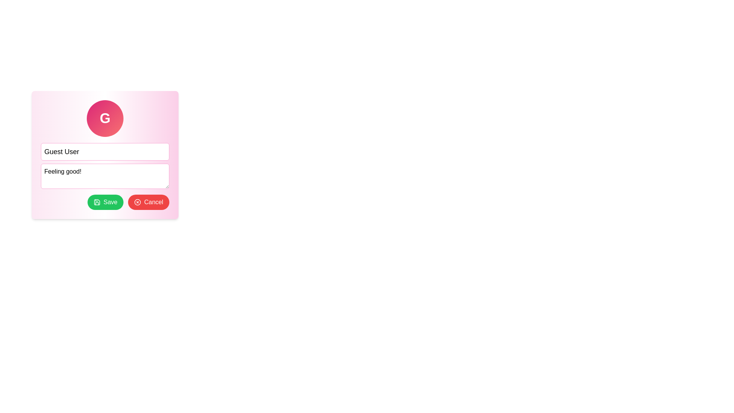 The height and width of the screenshot is (413, 734). Describe the element at coordinates (149, 202) in the screenshot. I see `the cancel button located at the bottom-right corner of the modal panel` at that location.